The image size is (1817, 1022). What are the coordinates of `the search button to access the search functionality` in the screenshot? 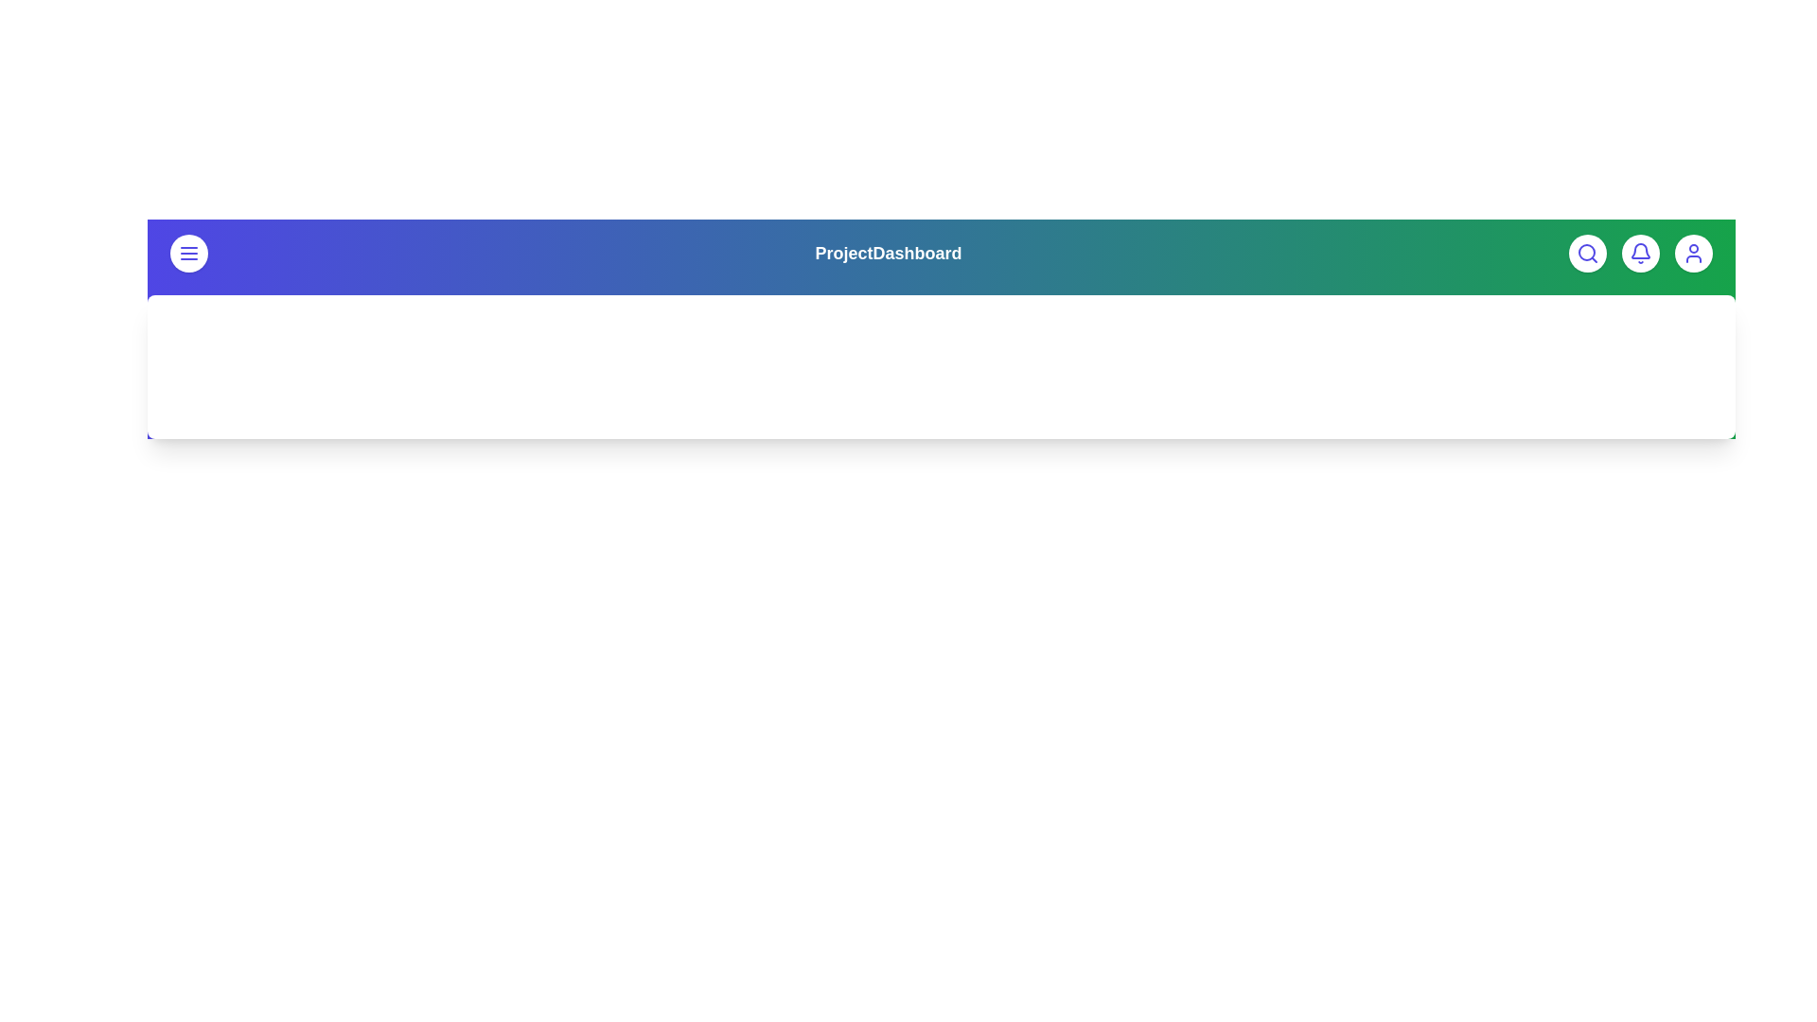 It's located at (1587, 252).